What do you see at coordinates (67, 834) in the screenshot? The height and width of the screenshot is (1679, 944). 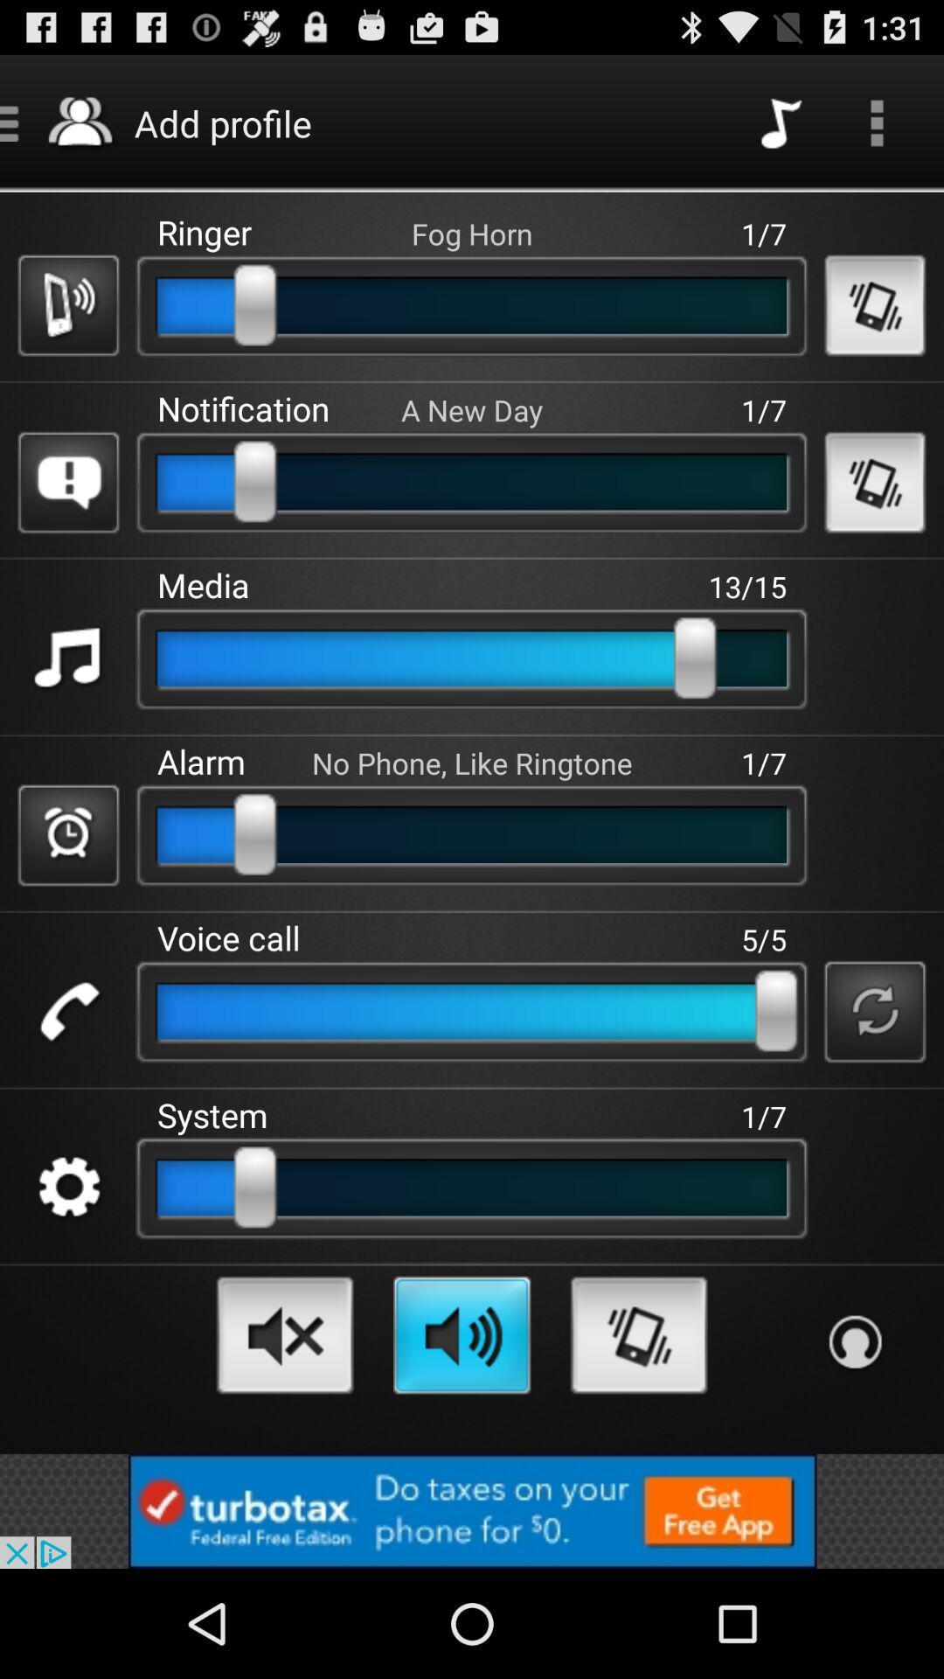 I see `alarm icon at the left side of the page` at bounding box center [67, 834].